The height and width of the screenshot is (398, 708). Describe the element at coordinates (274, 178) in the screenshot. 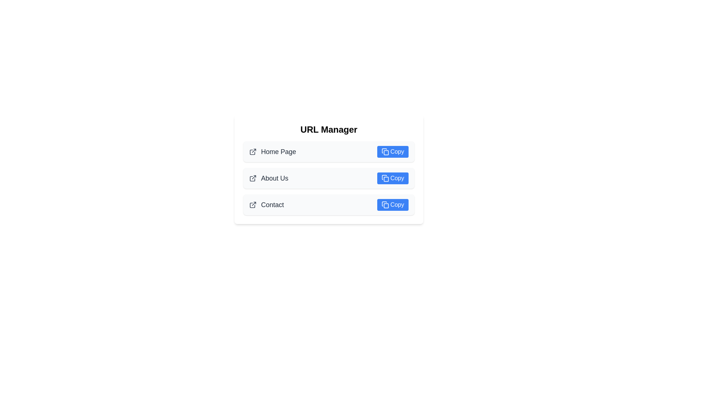

I see `text of the 'About Us' label, which is the second item in the interactive list, displayed in bold with a large font size and dark gray color` at that location.